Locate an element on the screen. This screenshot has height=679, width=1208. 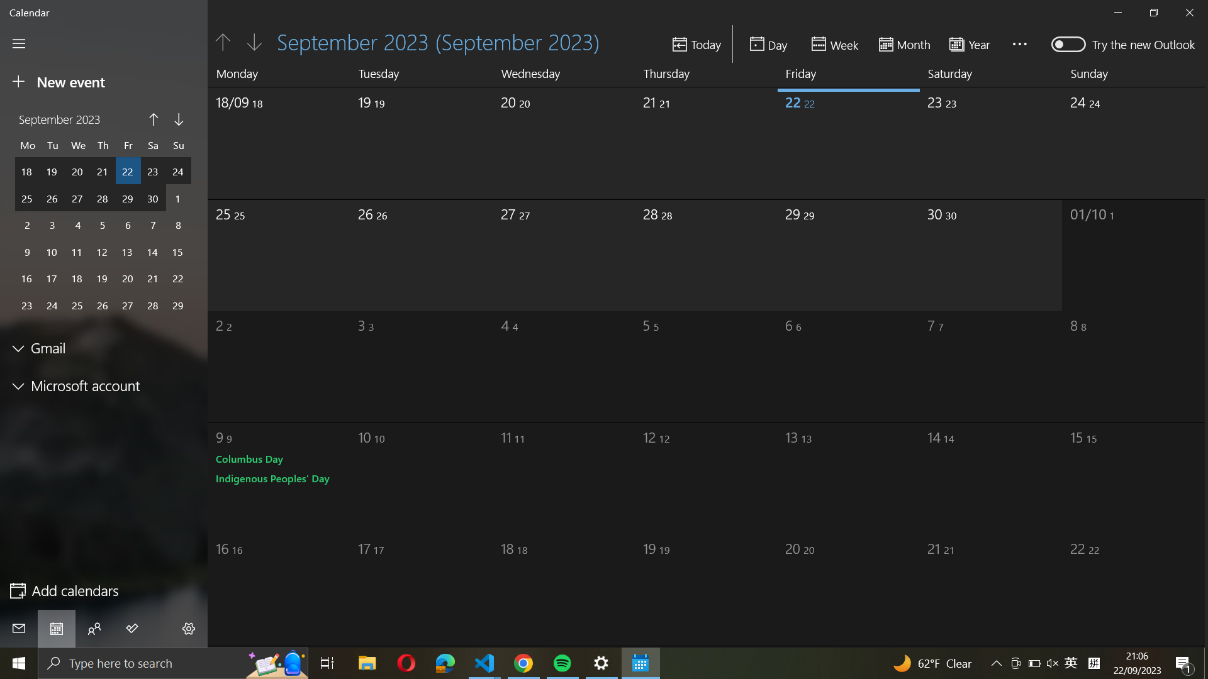
Adjust the calendar setting to display by month is located at coordinates (904, 43).